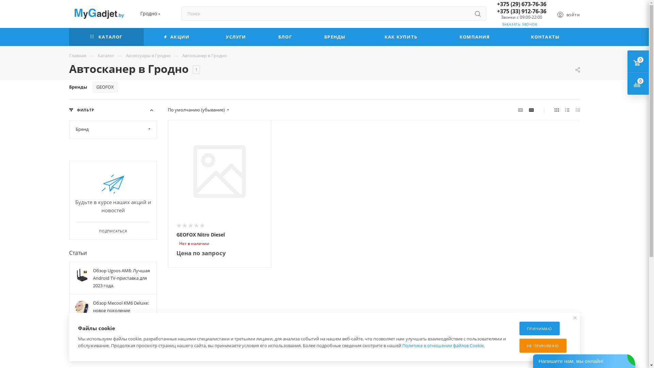 Image resolution: width=654 pixels, height=368 pixels. What do you see at coordinates (219, 171) in the screenshot?
I see `'GEOFOX Nitro Diesel'` at bounding box center [219, 171].